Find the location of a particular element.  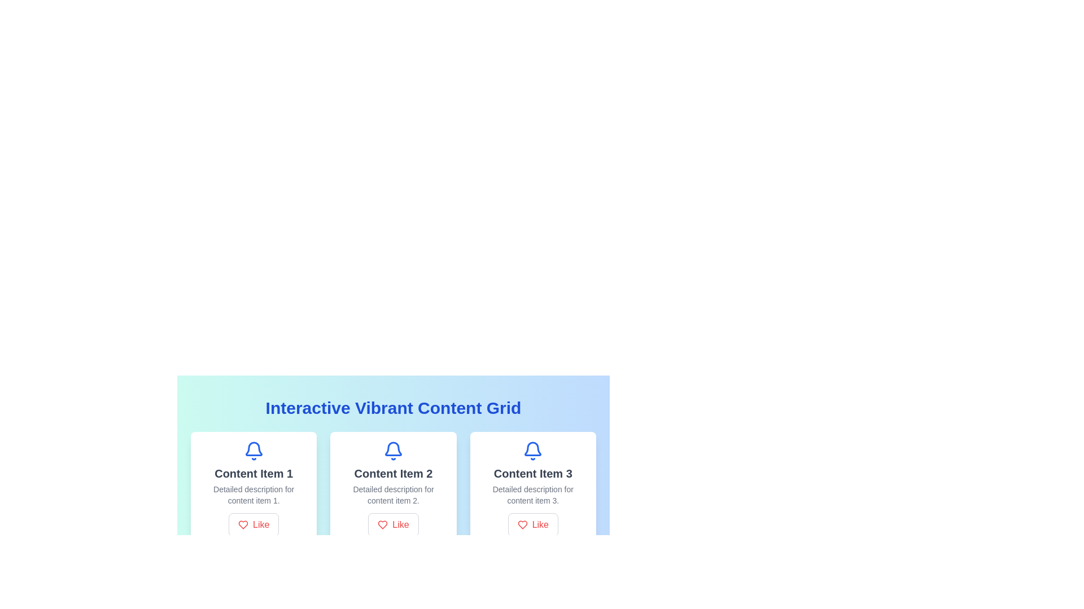

the blue bell icon located in the card labeled 'Content Item 1', which is centered above the text description block is located at coordinates (253, 450).